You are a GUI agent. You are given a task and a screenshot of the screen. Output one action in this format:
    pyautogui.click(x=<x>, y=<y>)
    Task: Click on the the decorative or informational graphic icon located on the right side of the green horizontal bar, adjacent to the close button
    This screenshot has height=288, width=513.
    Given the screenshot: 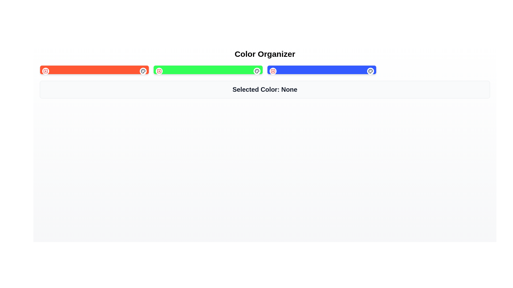 What is the action you would take?
    pyautogui.click(x=257, y=71)
    